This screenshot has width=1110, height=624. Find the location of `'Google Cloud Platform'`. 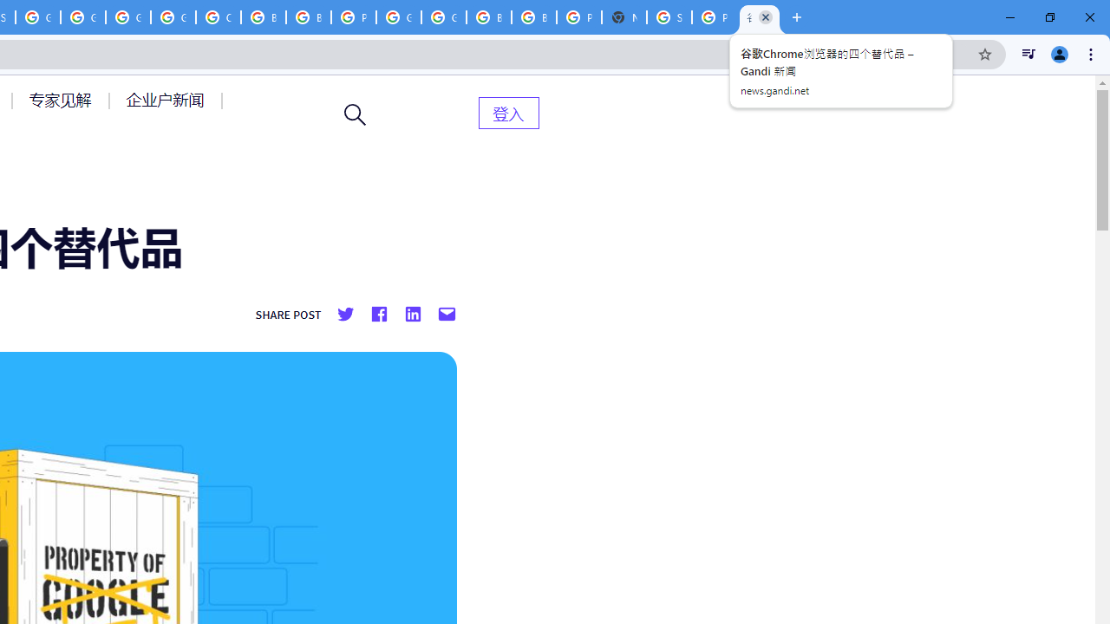

'Google Cloud Platform' is located at coordinates (398, 17).